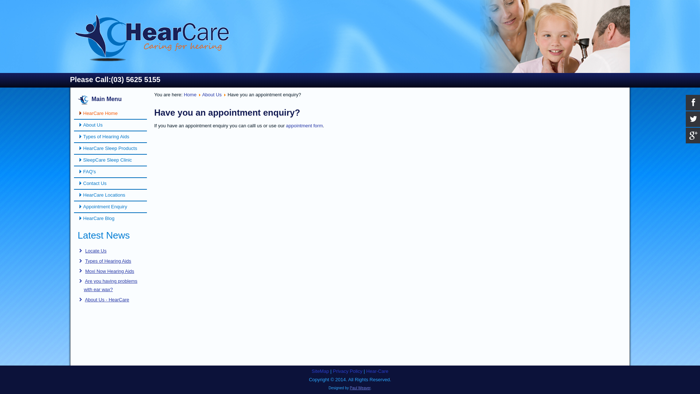  What do you see at coordinates (110, 148) in the screenshot?
I see `'HearCare Sleep Products'` at bounding box center [110, 148].